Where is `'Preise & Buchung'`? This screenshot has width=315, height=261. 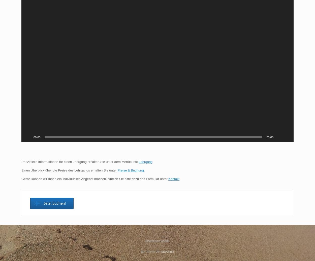
'Preise & Buchung' is located at coordinates (131, 170).